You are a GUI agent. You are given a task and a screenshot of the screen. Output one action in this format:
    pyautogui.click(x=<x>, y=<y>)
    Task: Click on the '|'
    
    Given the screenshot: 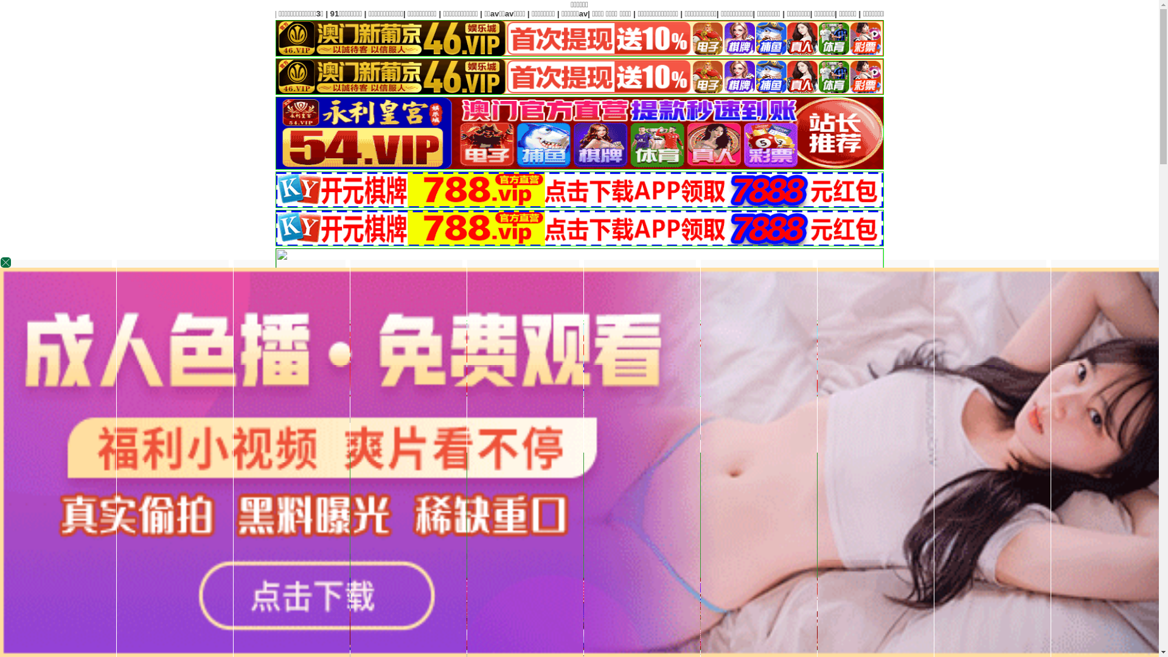 What is the action you would take?
    pyautogui.click(x=842, y=13)
    